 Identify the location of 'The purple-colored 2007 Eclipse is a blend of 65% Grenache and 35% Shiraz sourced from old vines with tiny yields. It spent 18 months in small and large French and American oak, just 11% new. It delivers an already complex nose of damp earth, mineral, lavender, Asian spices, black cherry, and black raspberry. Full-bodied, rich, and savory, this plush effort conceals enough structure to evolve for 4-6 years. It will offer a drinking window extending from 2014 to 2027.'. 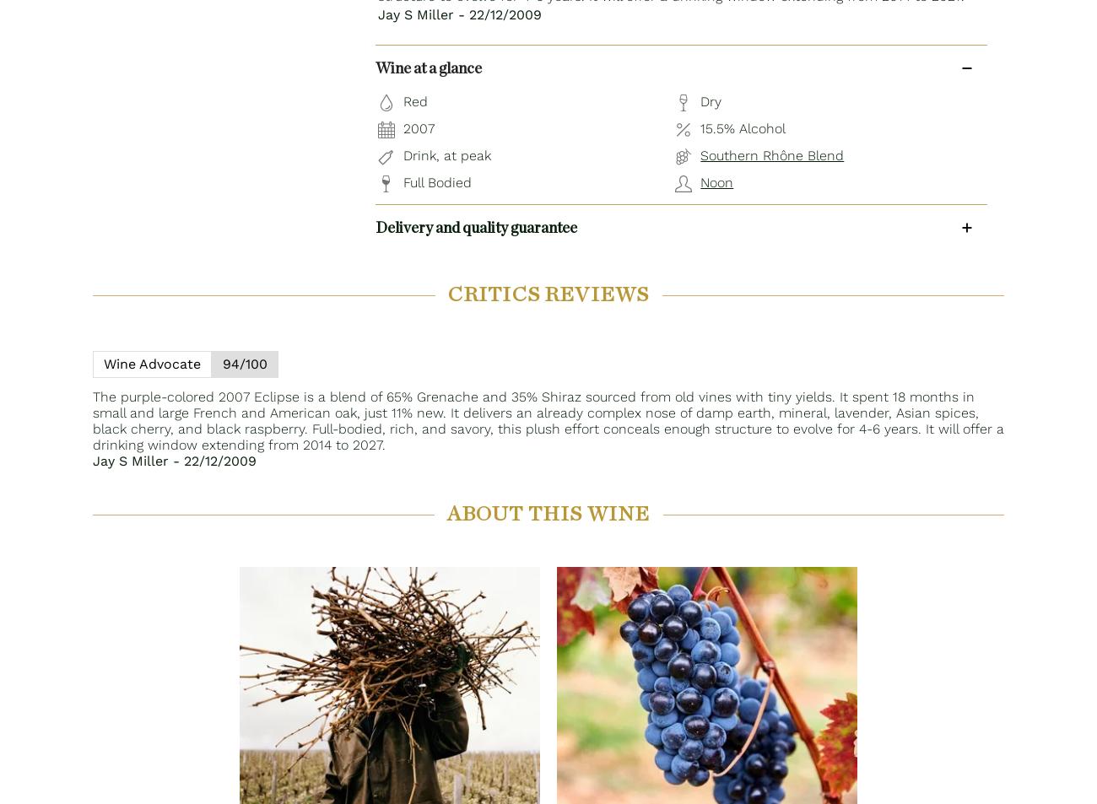
(548, 420).